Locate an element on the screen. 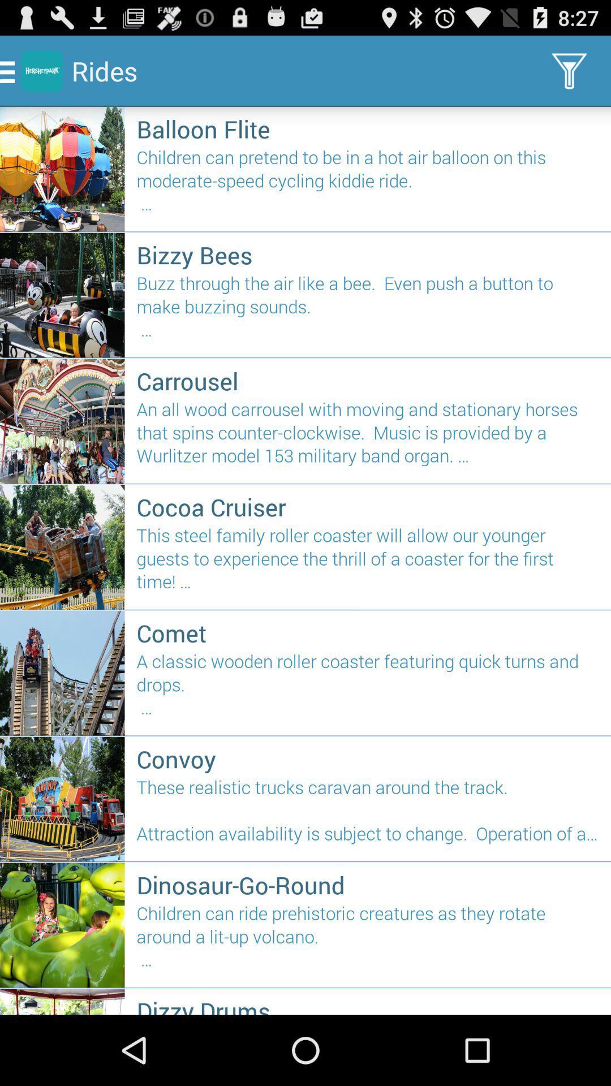 This screenshot has height=1086, width=611. icon above the carrousel is located at coordinates (368, 311).